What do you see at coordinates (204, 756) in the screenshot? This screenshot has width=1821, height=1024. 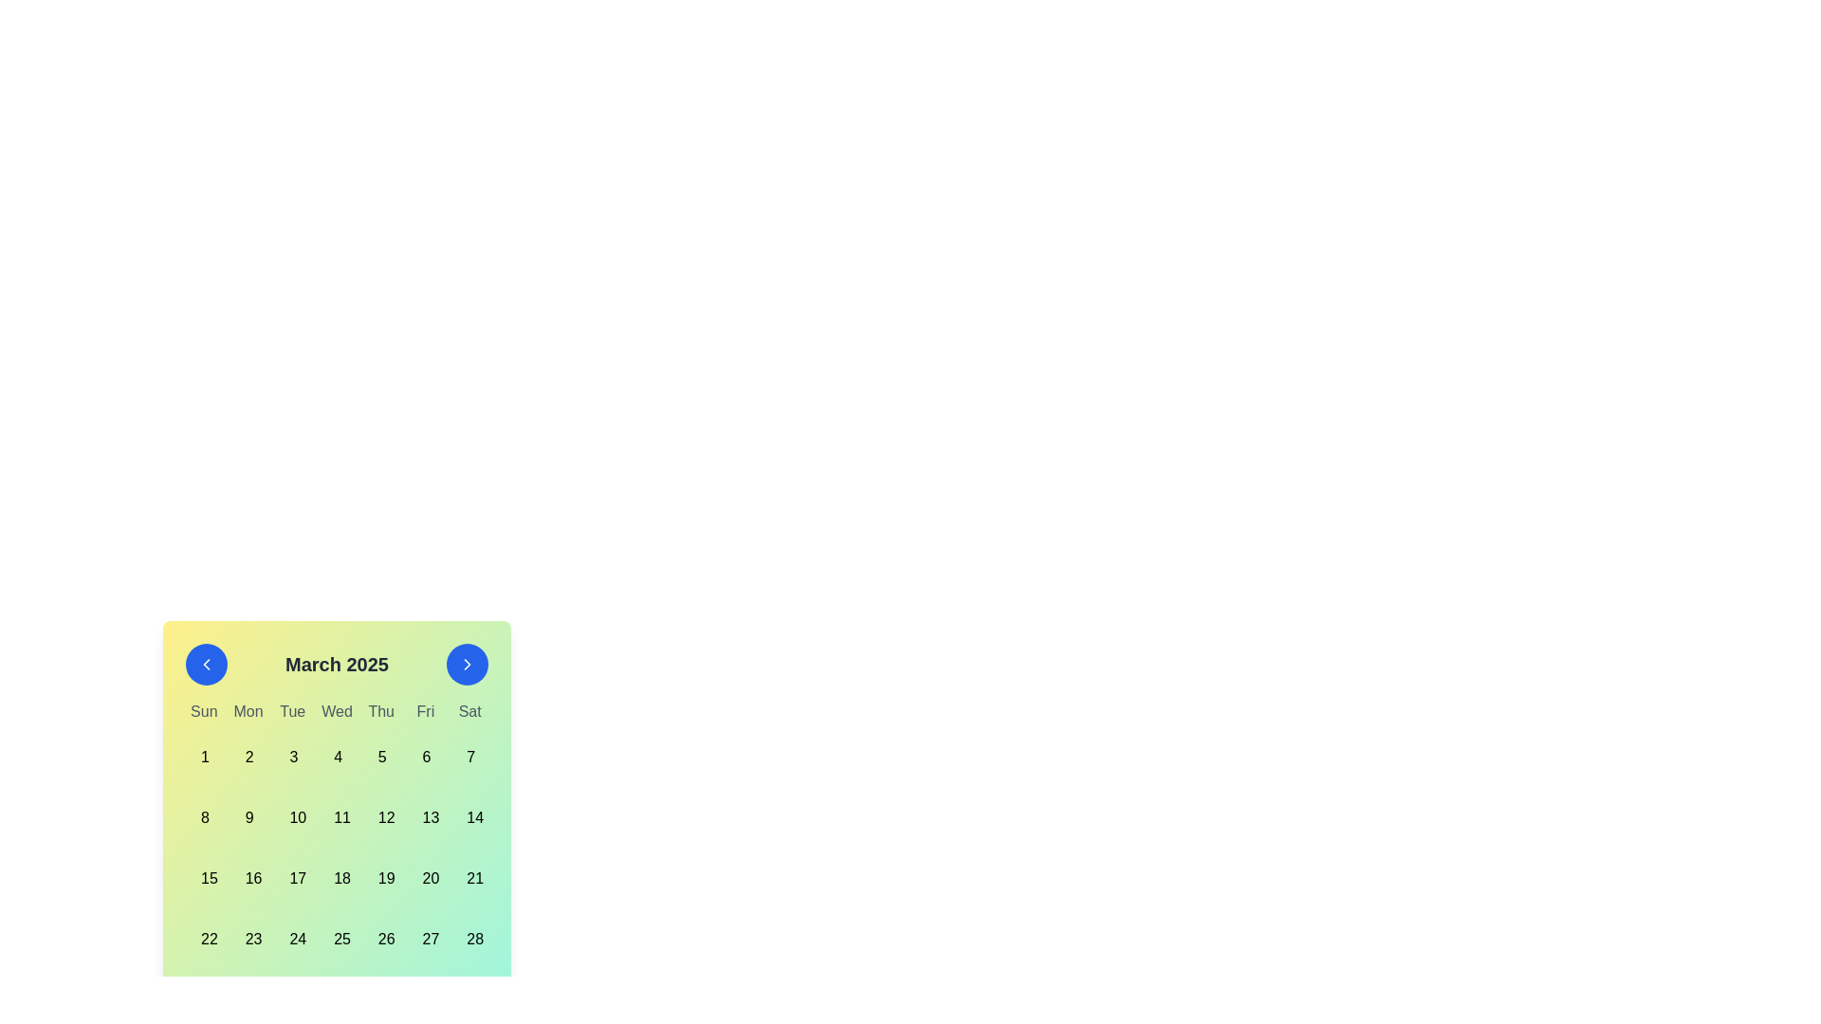 I see `the first day of the month cell in the calendar grid` at bounding box center [204, 756].